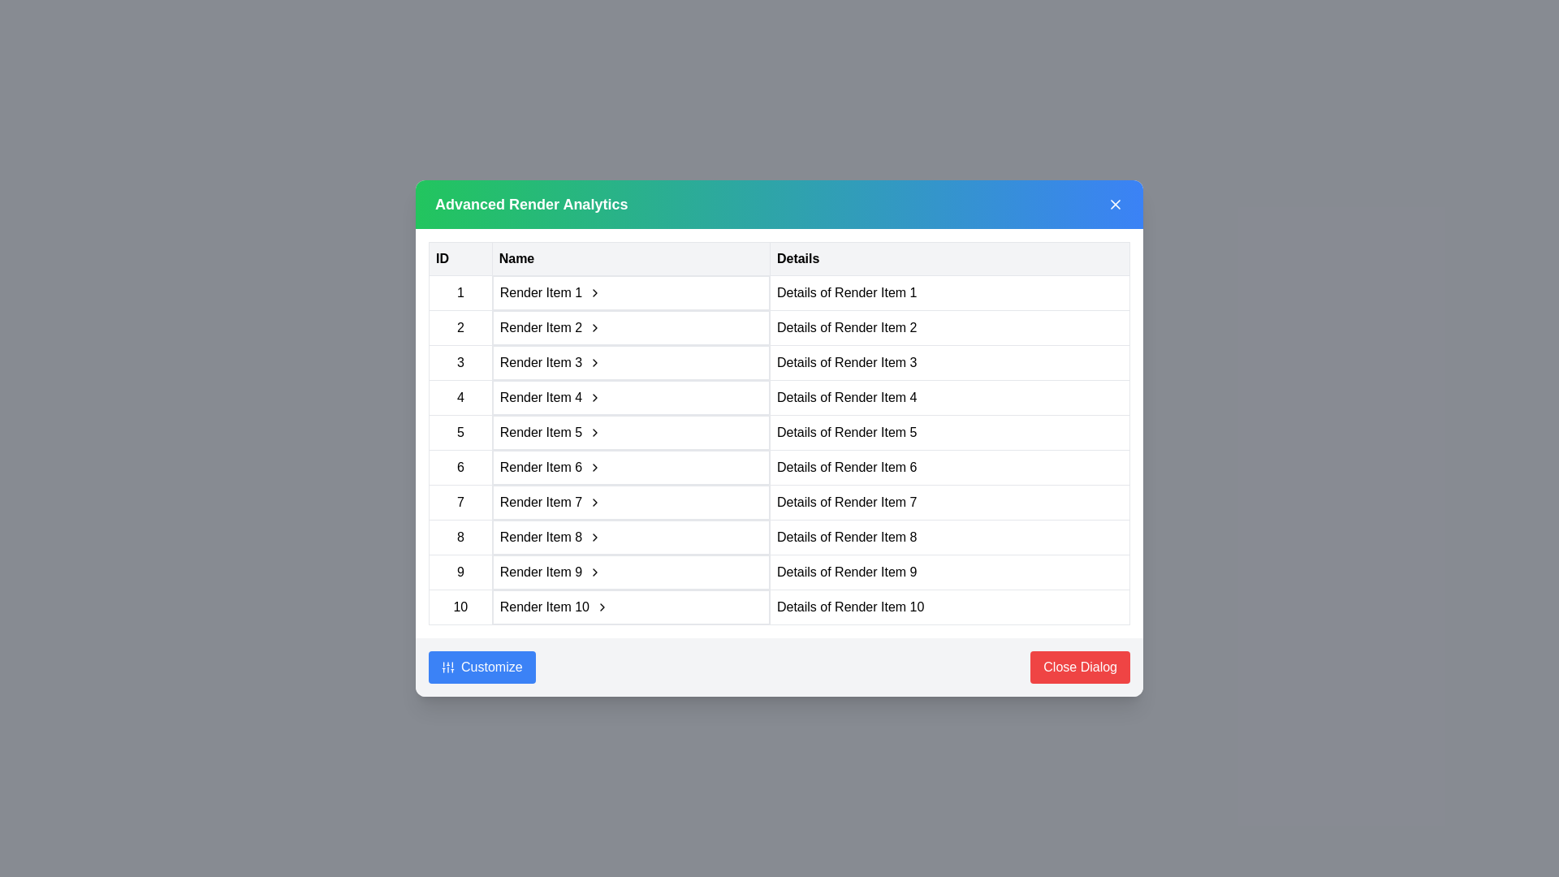  I want to click on the 'Close Dialog' button to close the dialog, so click(1080, 667).